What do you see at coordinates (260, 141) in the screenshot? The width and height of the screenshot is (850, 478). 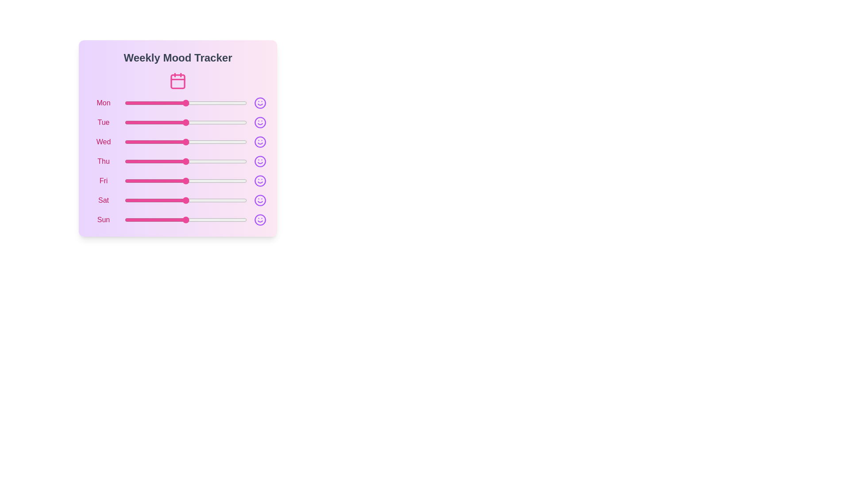 I see `the smiley icon corresponding to the day Wed` at bounding box center [260, 141].